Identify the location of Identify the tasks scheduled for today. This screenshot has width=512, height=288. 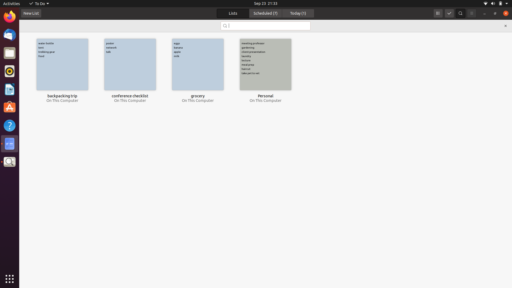
(298, 13).